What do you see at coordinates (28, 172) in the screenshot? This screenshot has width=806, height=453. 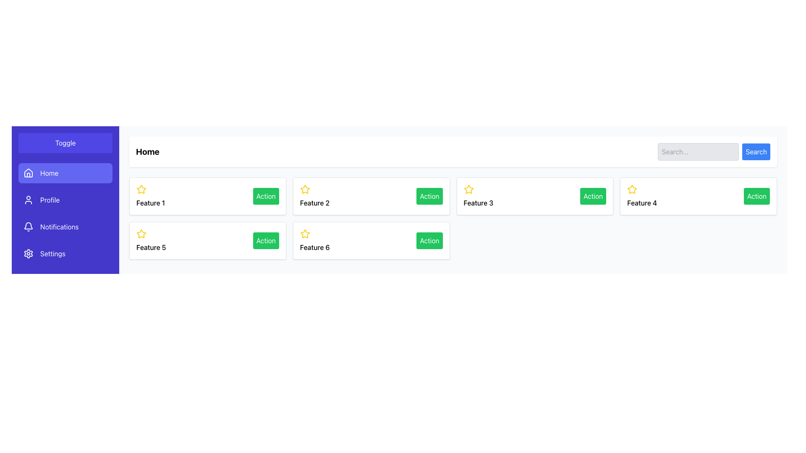 I see `the 'Home' icon in the vertical menu bar on the left side` at bounding box center [28, 172].